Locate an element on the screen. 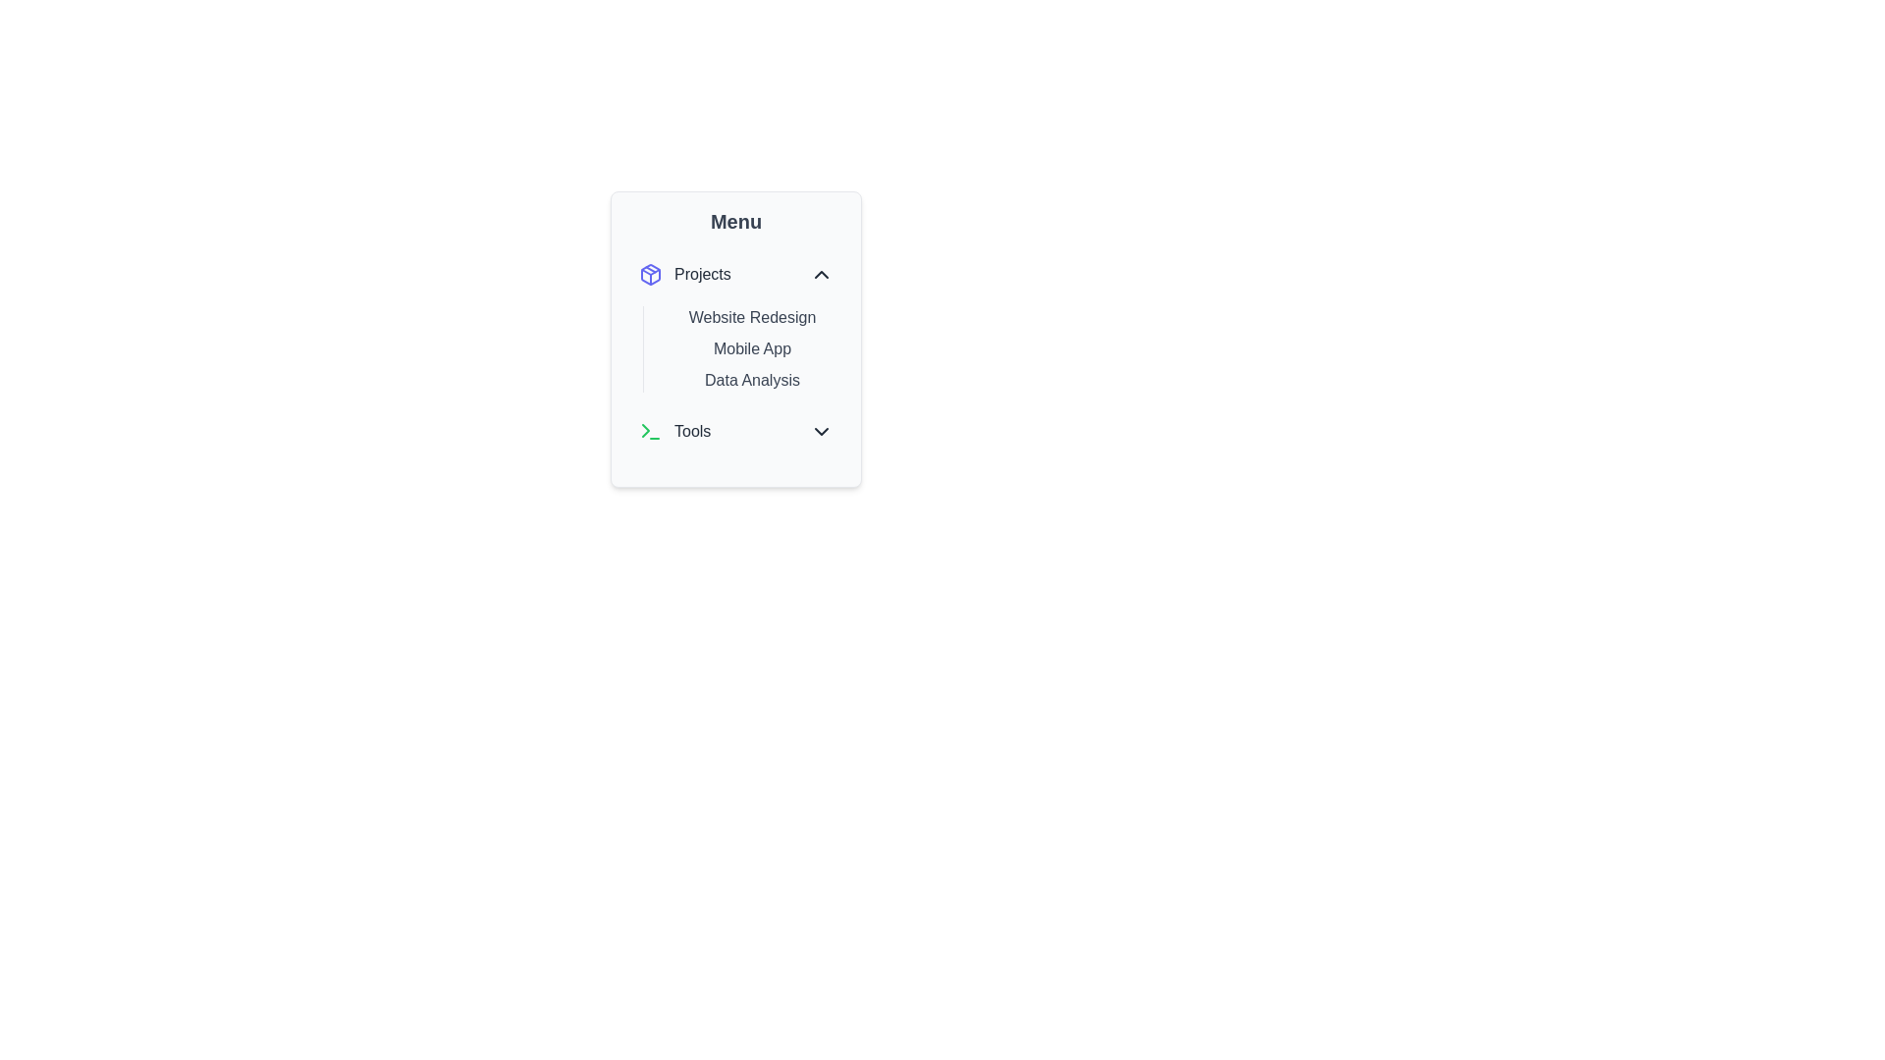 The height and width of the screenshot is (1060, 1885). the 'Projects' menu item, which is the first item beneath the 'Menu' header and includes a blue box icon to its left is located at coordinates (684, 275).